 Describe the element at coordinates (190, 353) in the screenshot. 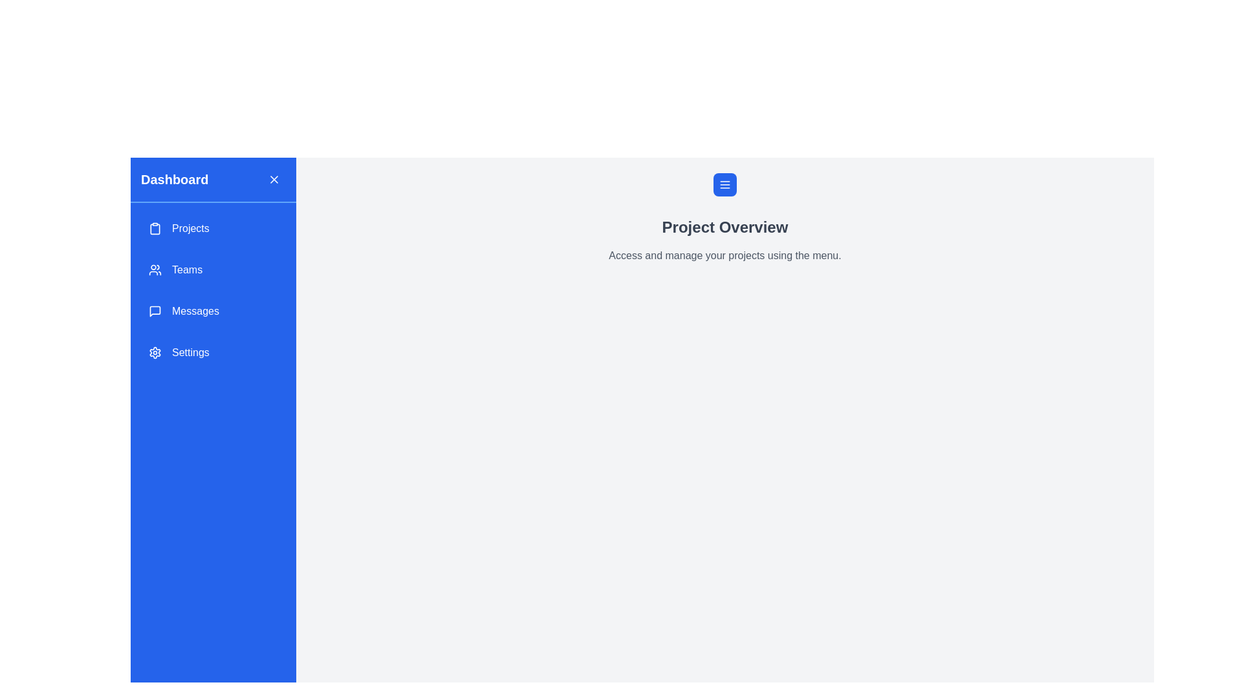

I see `the navigation link for settings, which is the fourth item in the vertical list below 'Messages' and to the right of a gear icon` at that location.